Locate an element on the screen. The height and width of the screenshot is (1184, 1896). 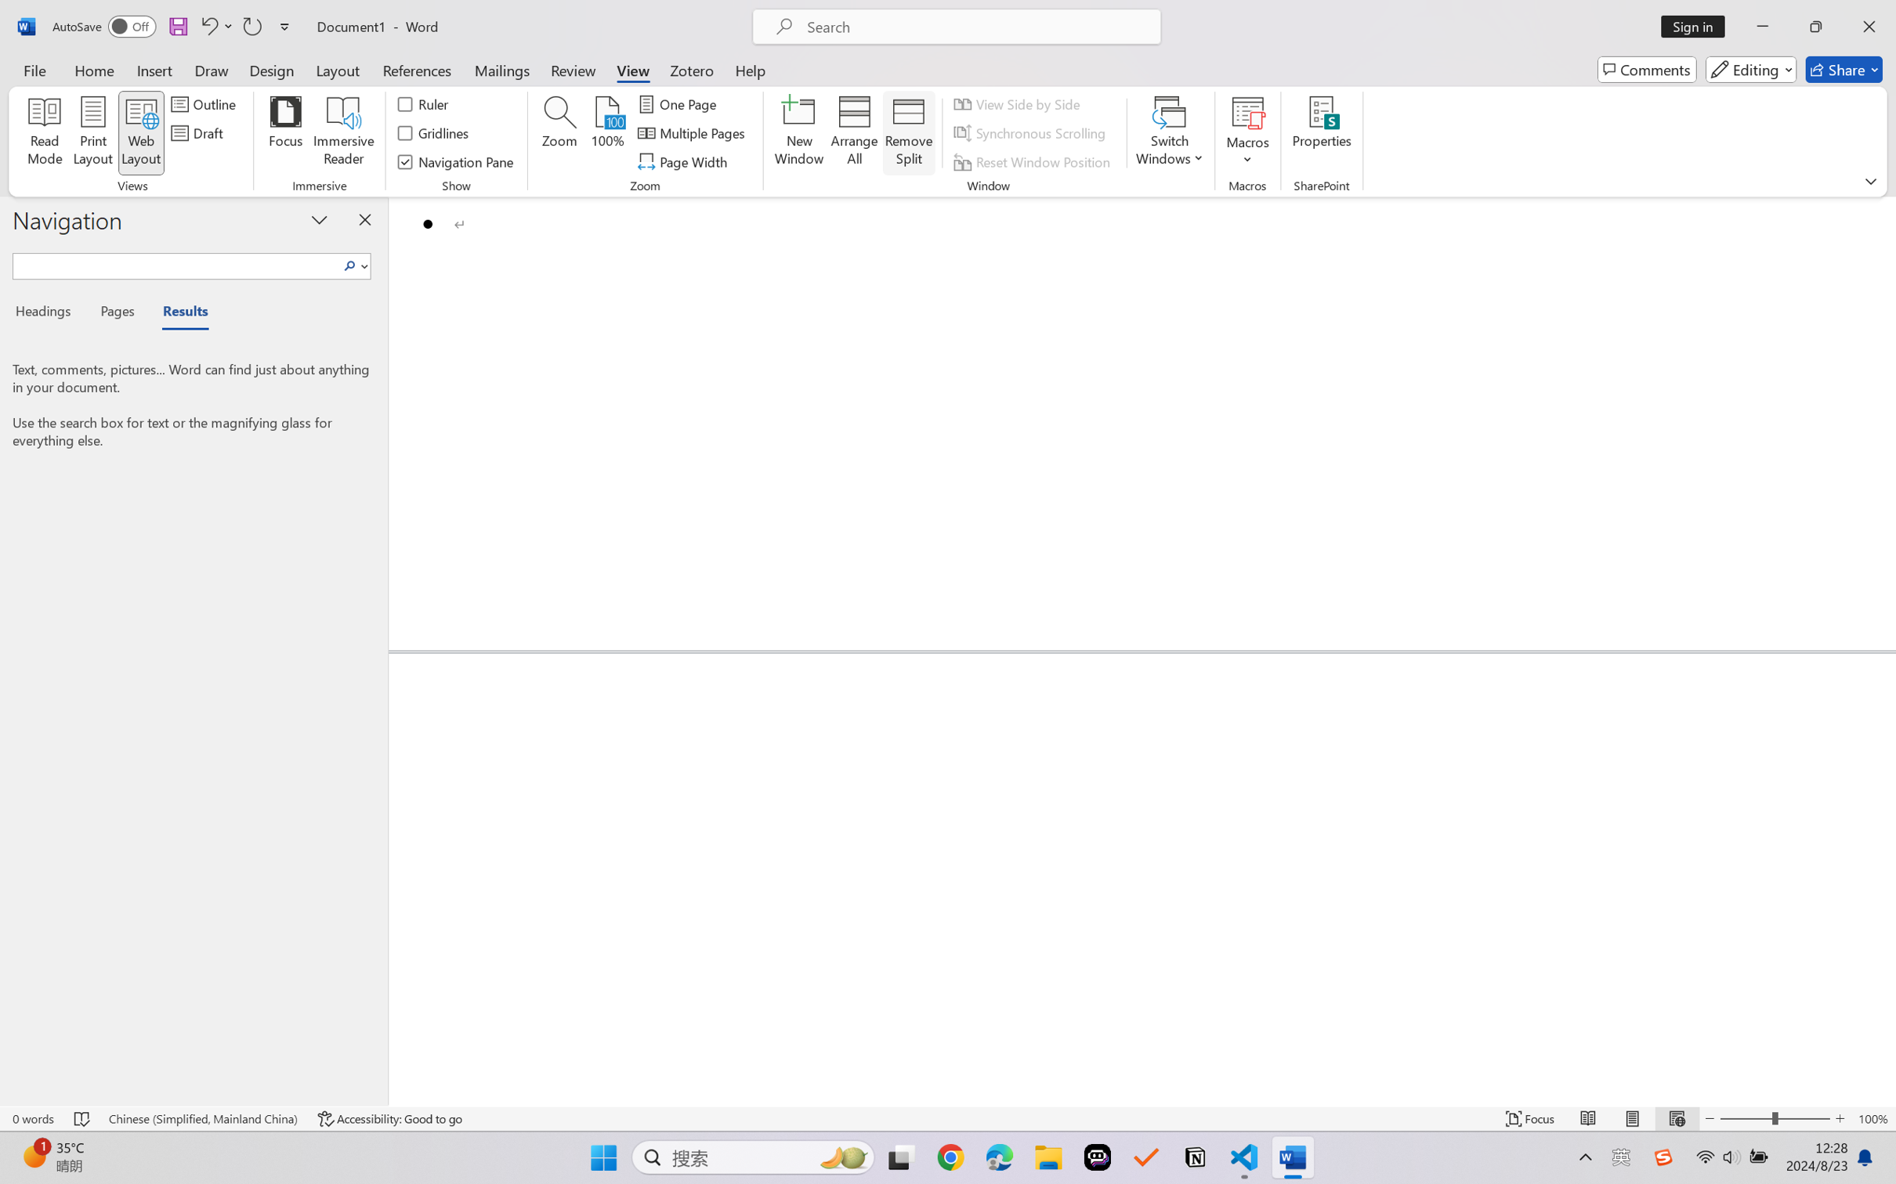
'Repeat Bullet Default' is located at coordinates (251, 26).